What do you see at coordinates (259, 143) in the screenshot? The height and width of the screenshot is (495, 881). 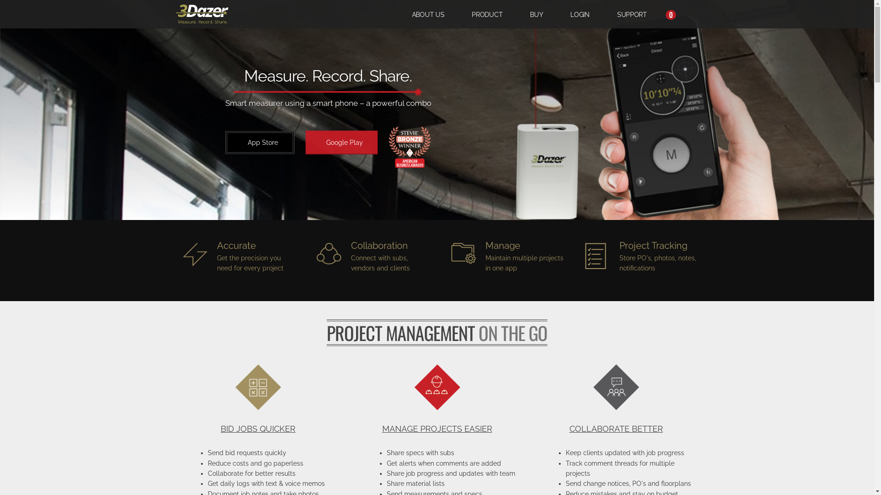 I see `'  App Store'` at bounding box center [259, 143].